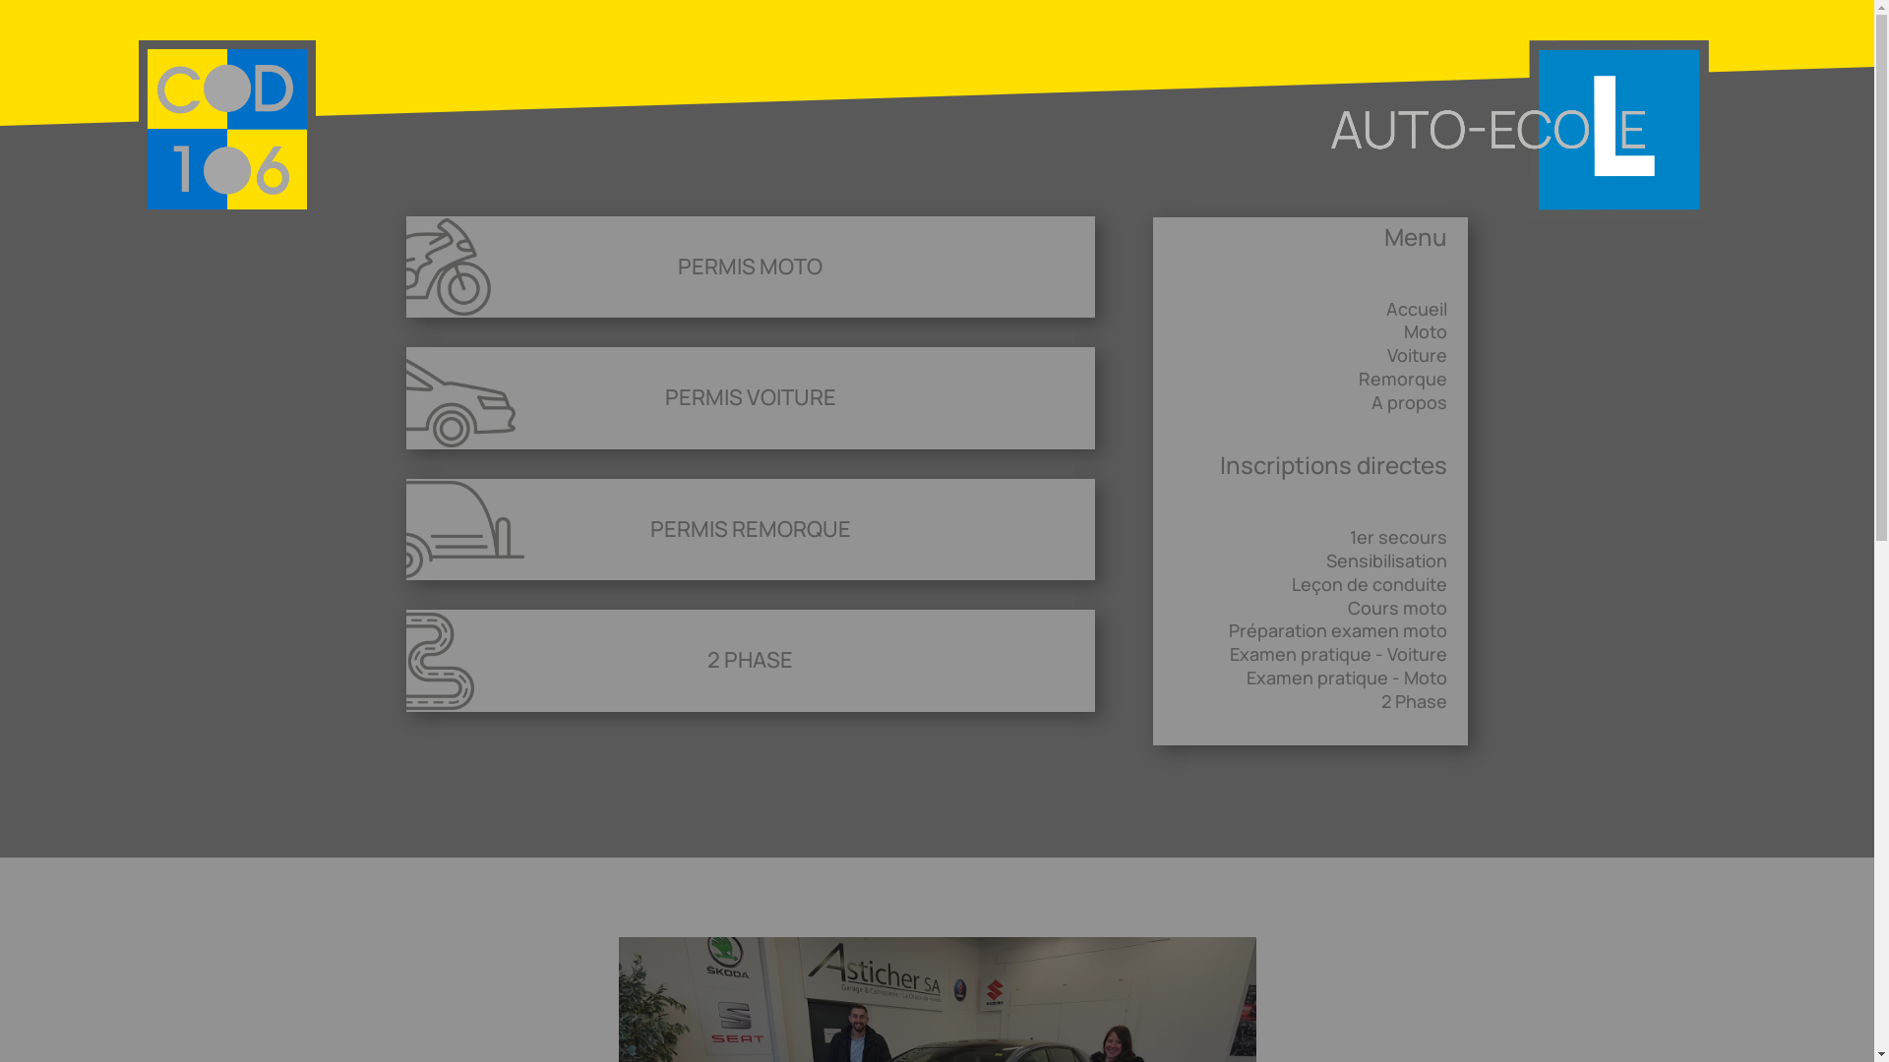 This screenshot has height=1062, width=1889. What do you see at coordinates (1417, 308) in the screenshot?
I see `'Accueil'` at bounding box center [1417, 308].